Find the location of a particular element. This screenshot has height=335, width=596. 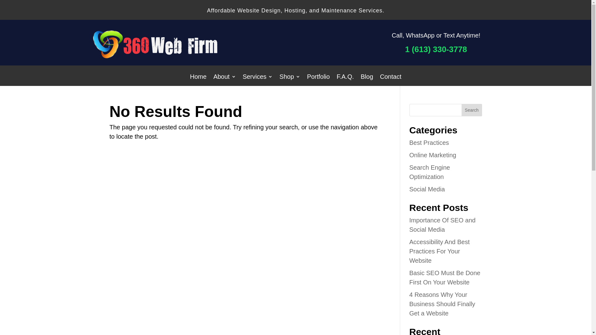

'Portfolio' is located at coordinates (318, 77).